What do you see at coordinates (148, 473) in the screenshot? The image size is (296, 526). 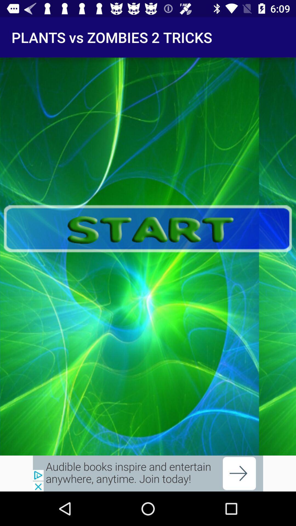 I see `open advertisement` at bounding box center [148, 473].